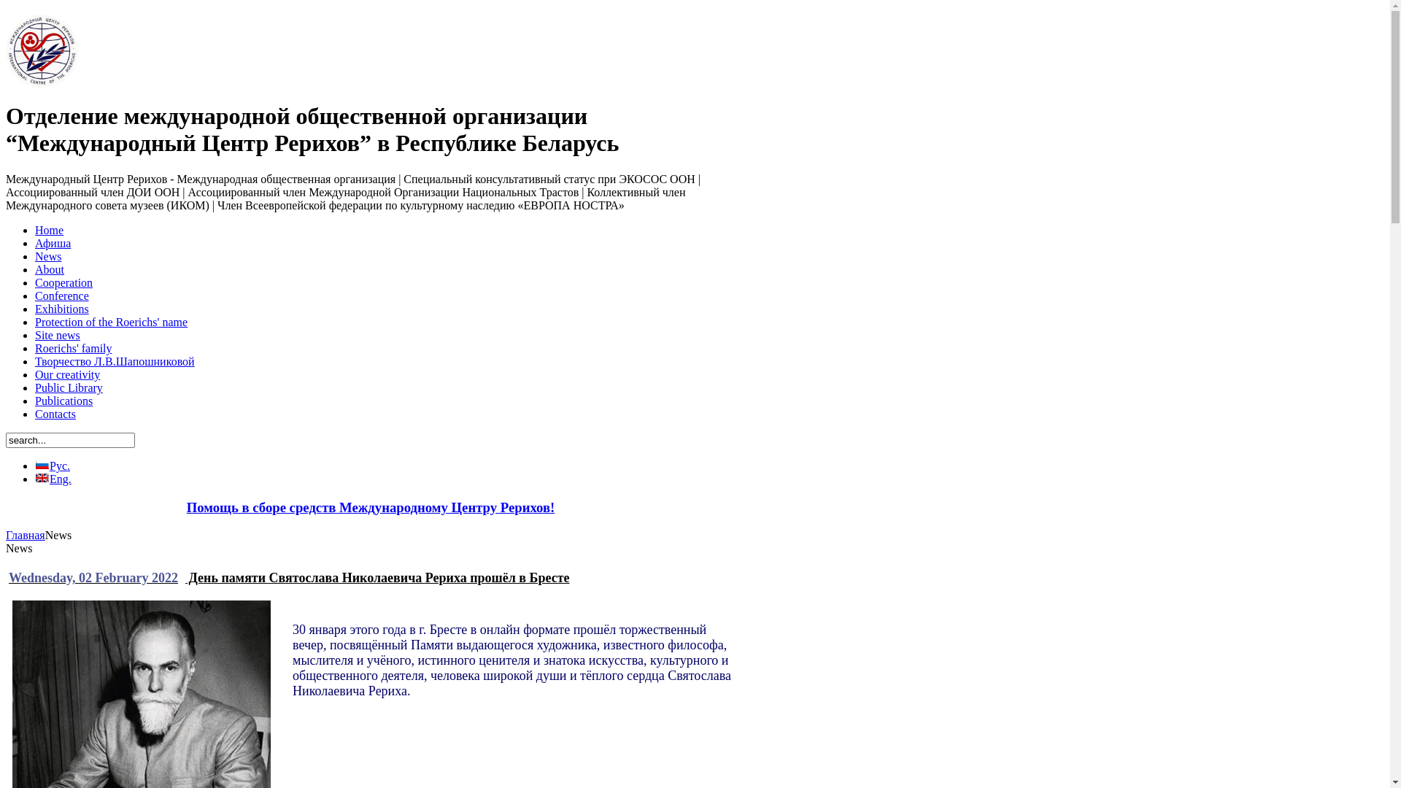 This screenshot has width=1401, height=788. I want to click on 'Roerichs' family', so click(72, 348).